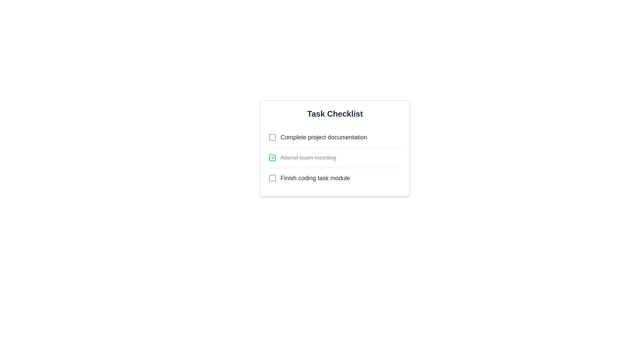 The image size is (642, 361). I want to click on the task item labeled 'Finish coding task module', so click(309, 177).